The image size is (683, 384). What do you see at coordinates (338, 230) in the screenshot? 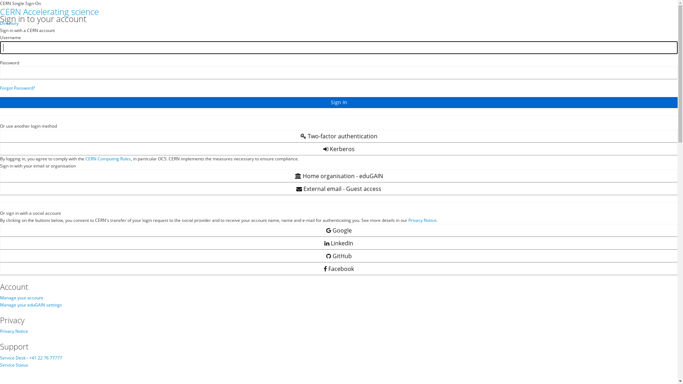
I see `'Google'` at bounding box center [338, 230].